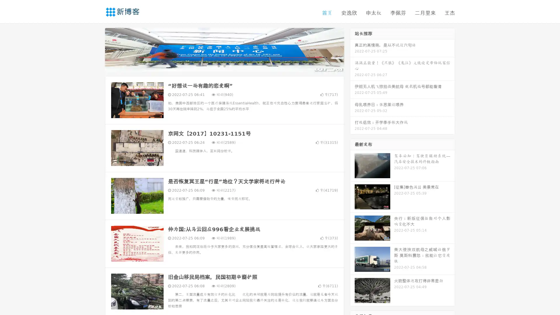 Image resolution: width=560 pixels, height=315 pixels. Describe the element at coordinates (230, 66) in the screenshot. I see `Go to slide 3` at that location.